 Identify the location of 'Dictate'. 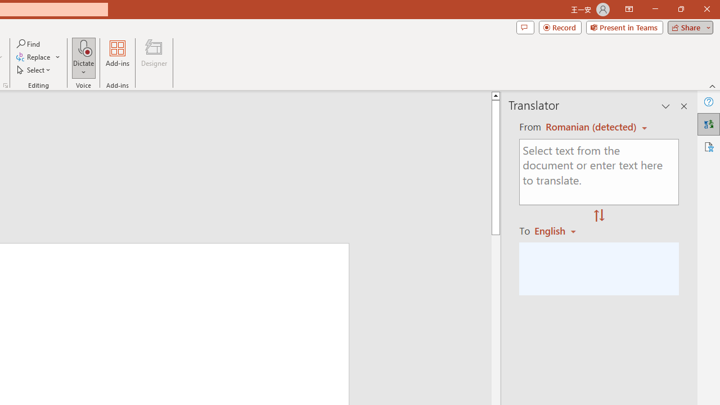
(83, 47).